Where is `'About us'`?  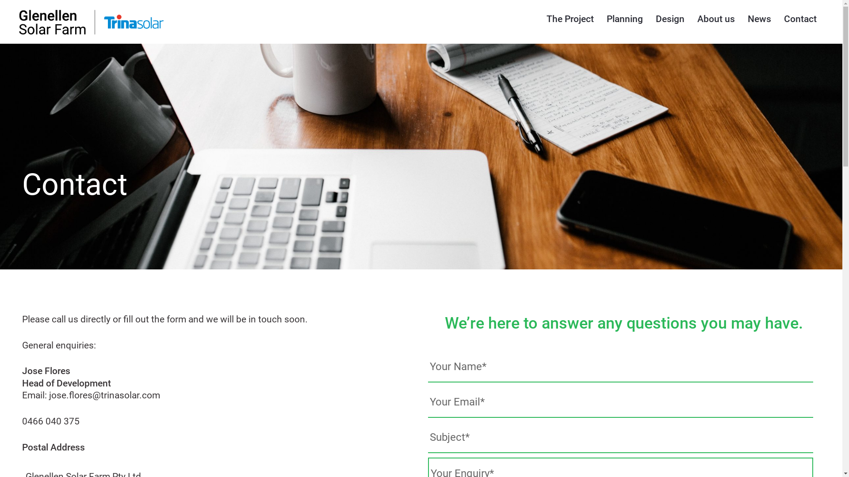
'About us' is located at coordinates (697, 19).